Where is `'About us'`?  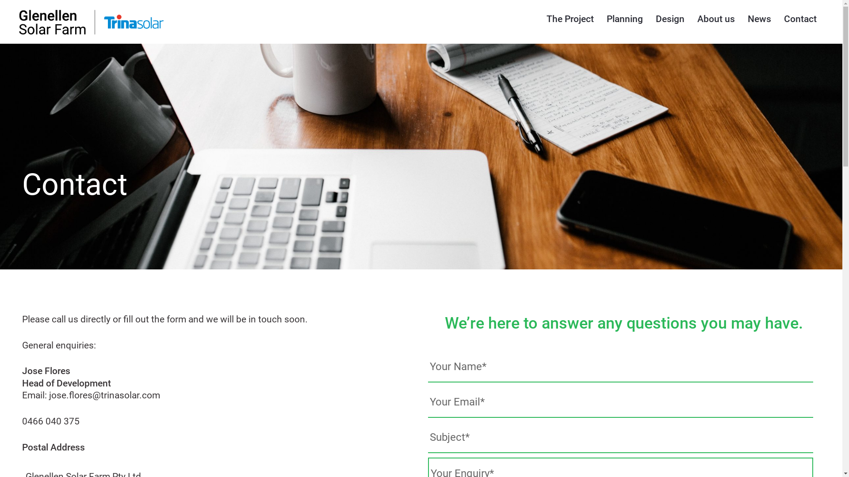
'About us' is located at coordinates (697, 19).